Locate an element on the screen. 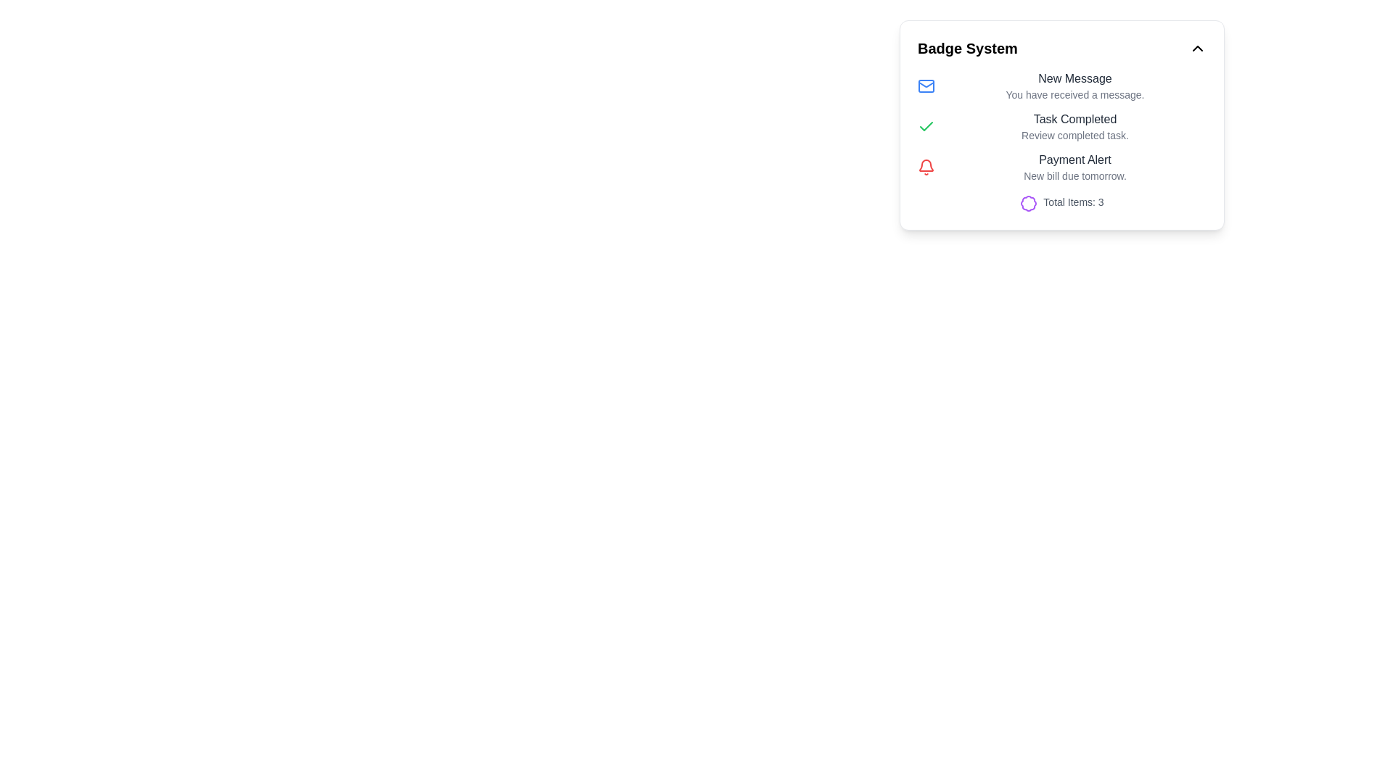 The image size is (1393, 783). notification text from the third notification item displayed in the 'Badge System' modal box is located at coordinates (1062, 167).